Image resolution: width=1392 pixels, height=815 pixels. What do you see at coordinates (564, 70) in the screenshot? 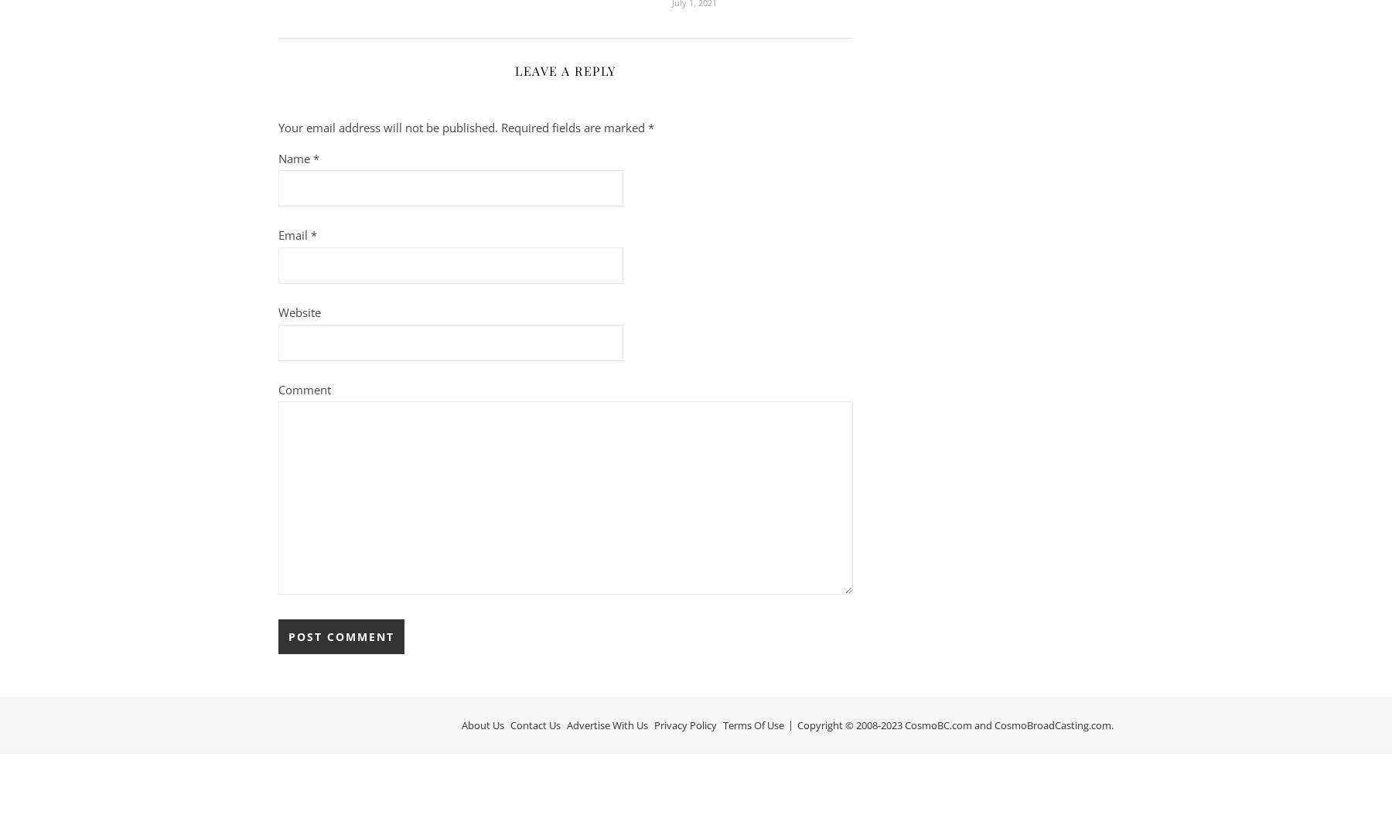
I see `'Leave a Reply'` at bounding box center [564, 70].